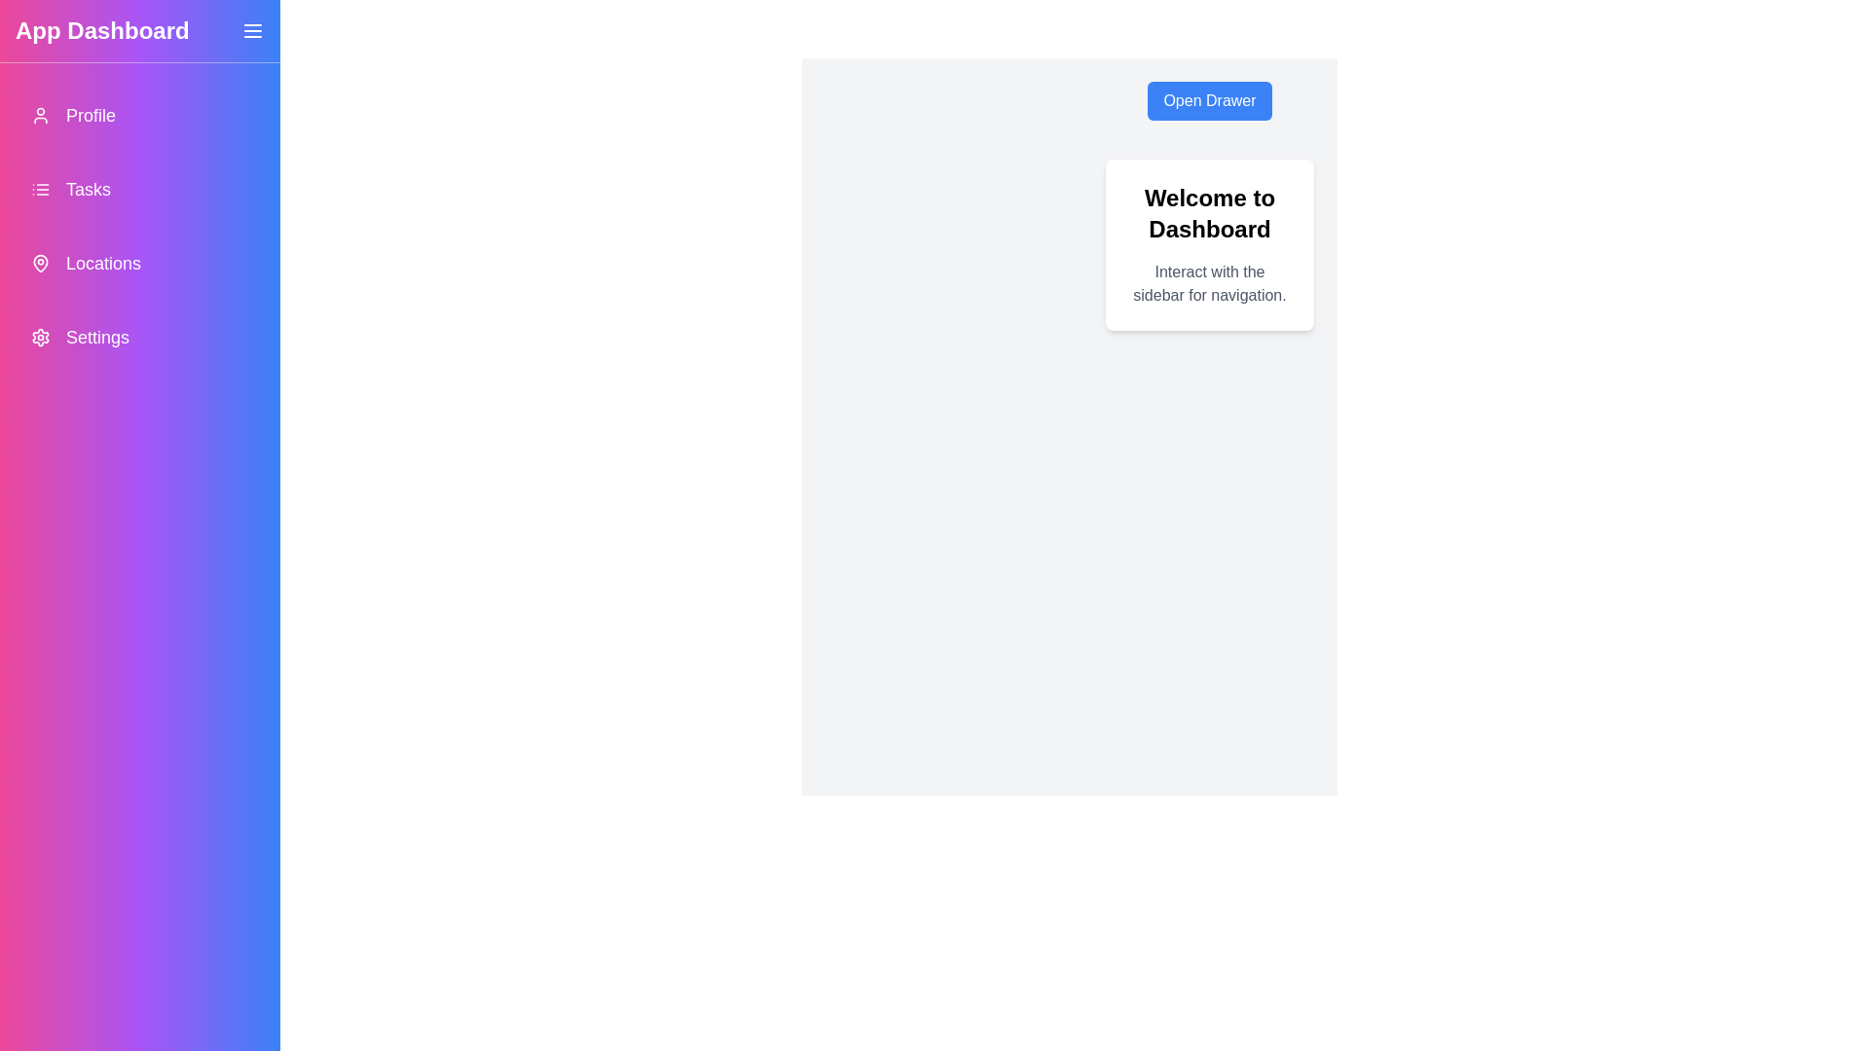 This screenshot has height=1051, width=1869. I want to click on the navigation item Settings from the drawer, so click(139, 337).